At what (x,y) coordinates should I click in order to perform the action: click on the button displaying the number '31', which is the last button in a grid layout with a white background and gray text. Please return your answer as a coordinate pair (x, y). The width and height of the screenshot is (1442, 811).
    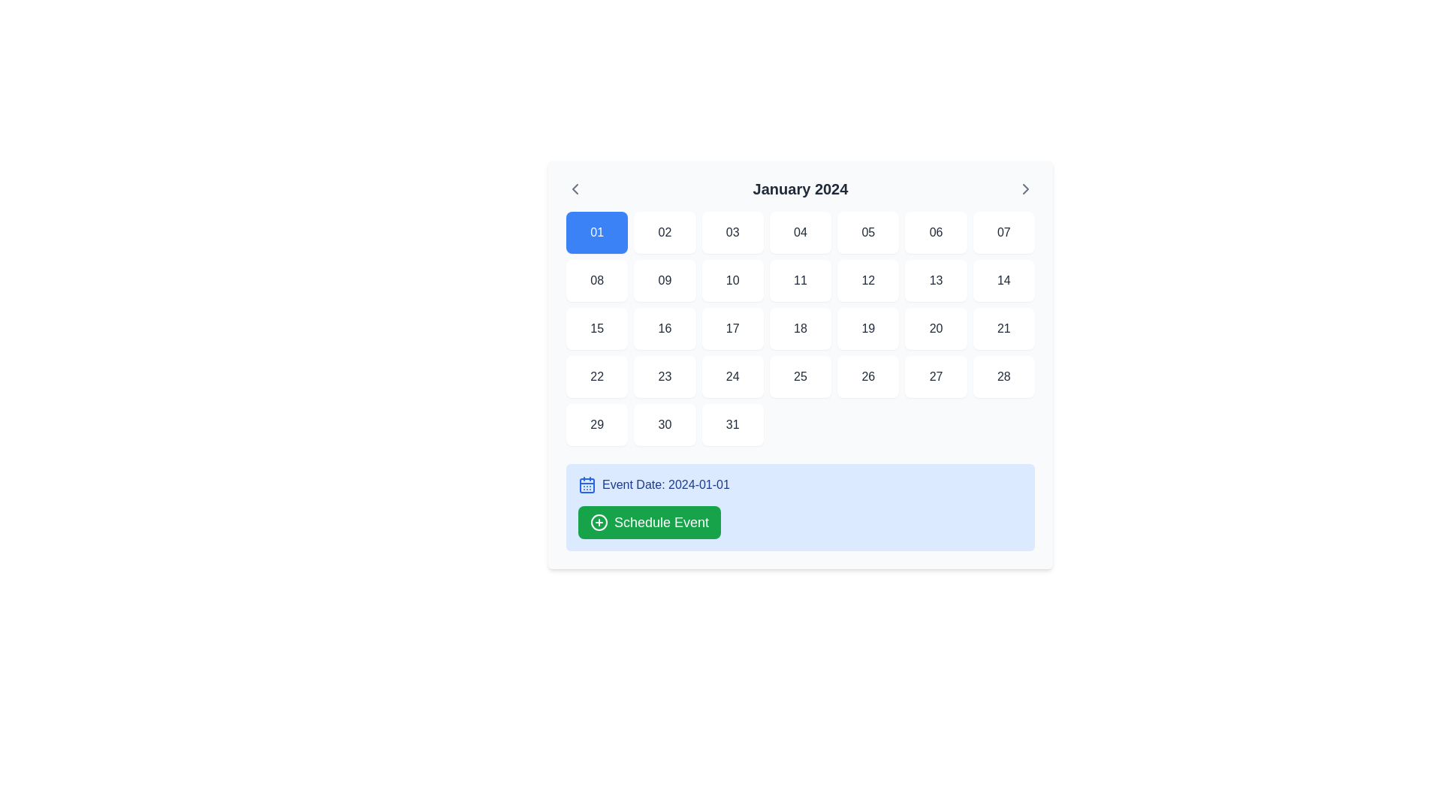
    Looking at the image, I should click on (732, 425).